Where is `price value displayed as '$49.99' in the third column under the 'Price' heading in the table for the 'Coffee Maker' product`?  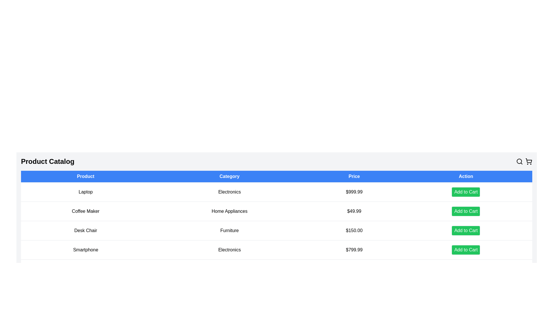 price value displayed as '$49.99' in the third column under the 'Price' heading in the table for the 'Coffee Maker' product is located at coordinates (354, 211).